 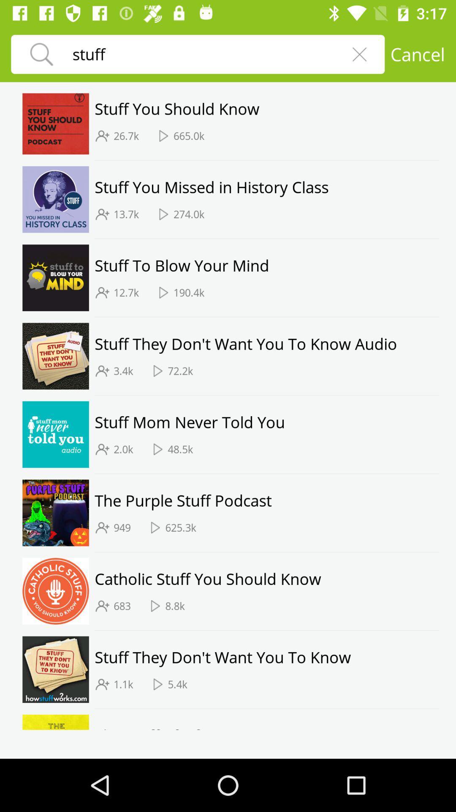 What do you see at coordinates (266, 395) in the screenshot?
I see `the icon above the stuff mom never icon` at bounding box center [266, 395].